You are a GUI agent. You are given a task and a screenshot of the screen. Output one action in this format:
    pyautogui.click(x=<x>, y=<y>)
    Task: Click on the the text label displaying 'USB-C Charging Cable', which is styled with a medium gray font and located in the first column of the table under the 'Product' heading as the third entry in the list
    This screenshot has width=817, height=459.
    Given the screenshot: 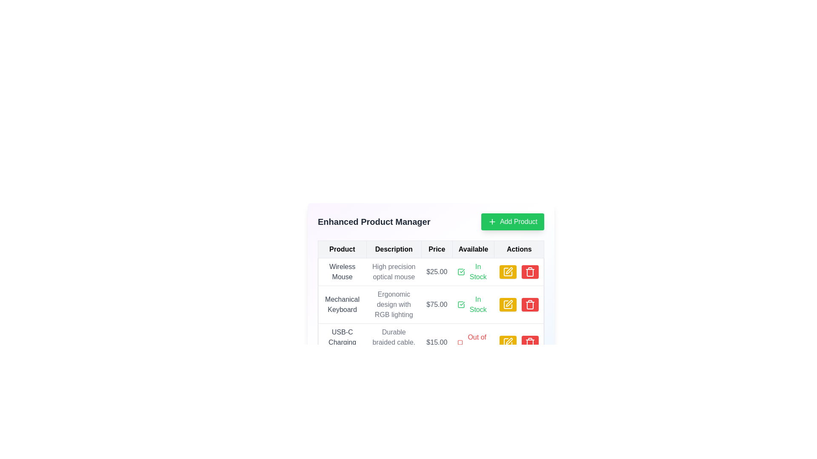 What is the action you would take?
    pyautogui.click(x=342, y=342)
    